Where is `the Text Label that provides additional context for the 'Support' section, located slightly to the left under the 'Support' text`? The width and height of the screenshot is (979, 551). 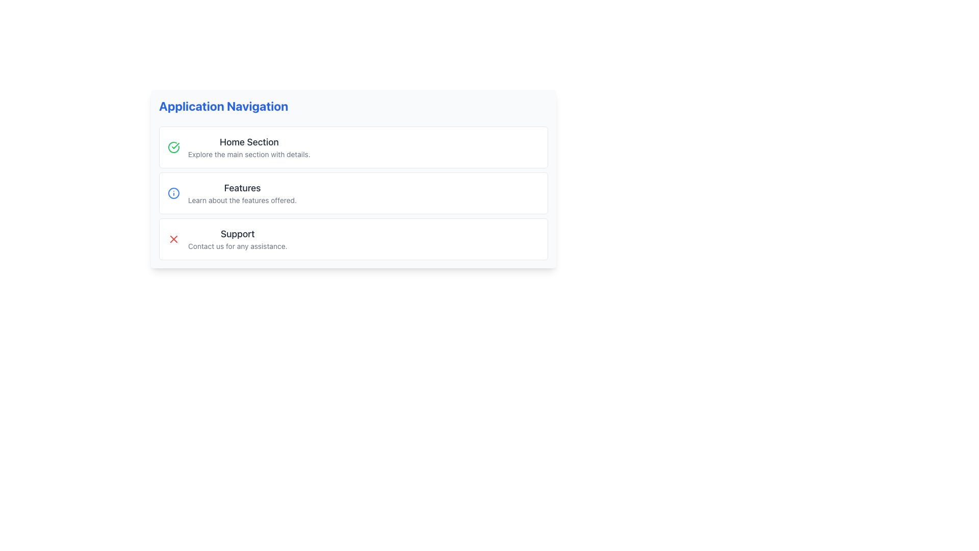
the Text Label that provides additional context for the 'Support' section, located slightly to the left under the 'Support' text is located at coordinates (237, 246).